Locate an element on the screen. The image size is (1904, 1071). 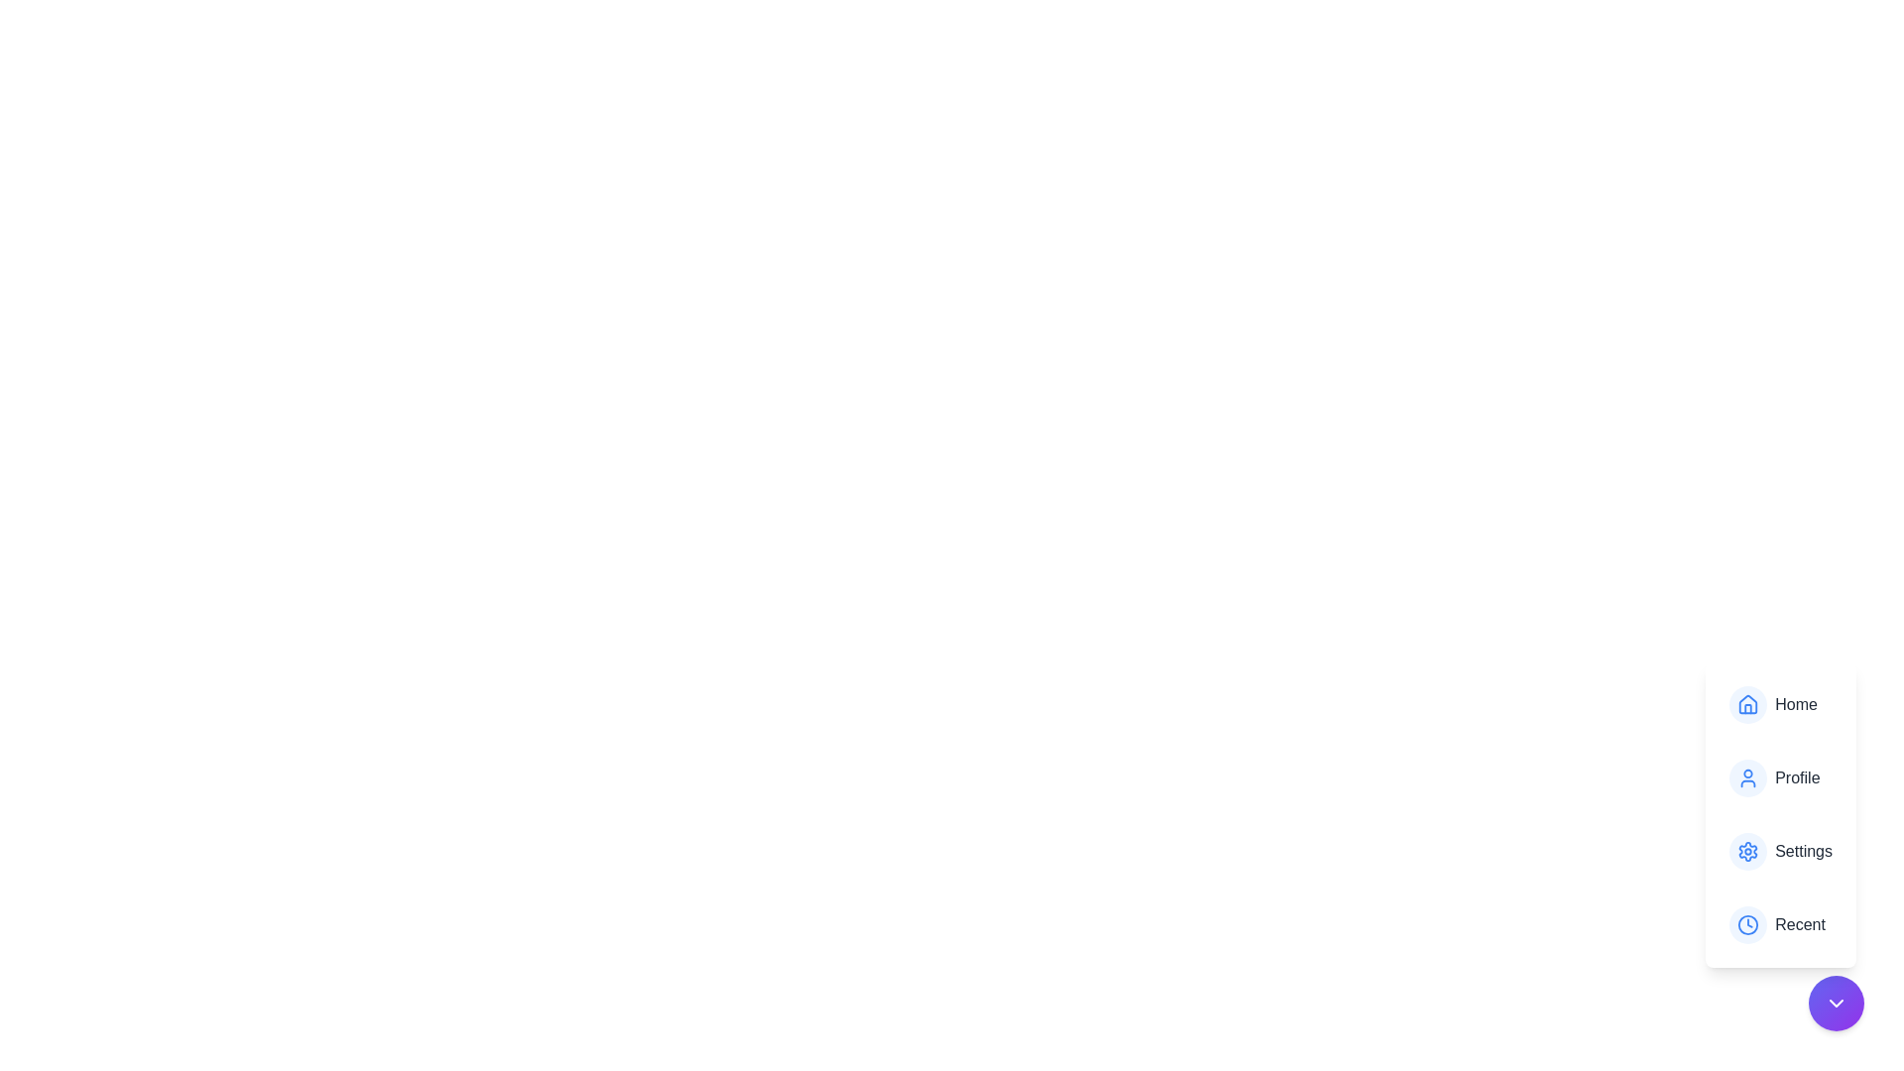
main button to toggle the visibility of the speed dial menu is located at coordinates (1836, 1003).